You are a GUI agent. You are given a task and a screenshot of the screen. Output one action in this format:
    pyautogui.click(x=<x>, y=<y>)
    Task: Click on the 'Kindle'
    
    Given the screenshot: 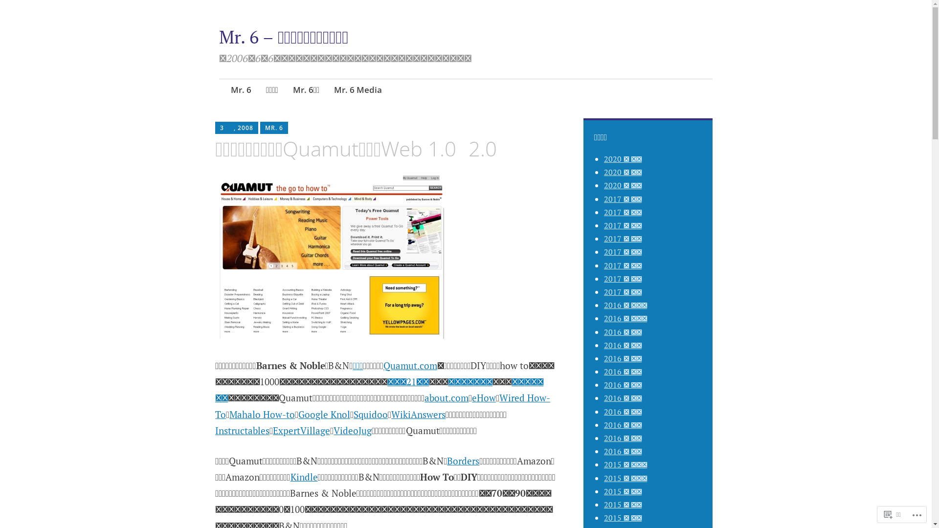 What is the action you would take?
    pyautogui.click(x=304, y=476)
    